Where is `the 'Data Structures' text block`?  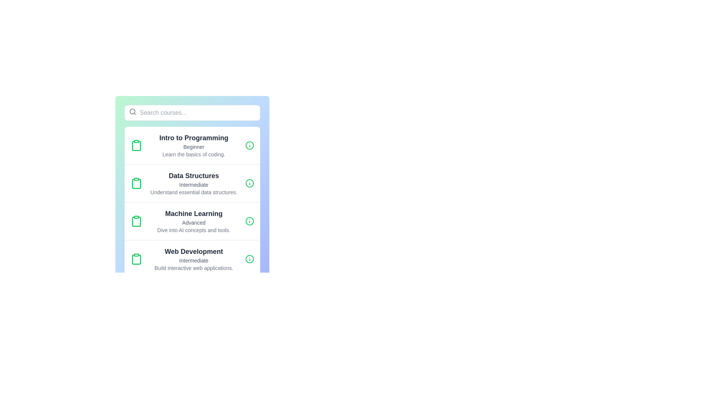 the 'Data Structures' text block is located at coordinates (194, 183).